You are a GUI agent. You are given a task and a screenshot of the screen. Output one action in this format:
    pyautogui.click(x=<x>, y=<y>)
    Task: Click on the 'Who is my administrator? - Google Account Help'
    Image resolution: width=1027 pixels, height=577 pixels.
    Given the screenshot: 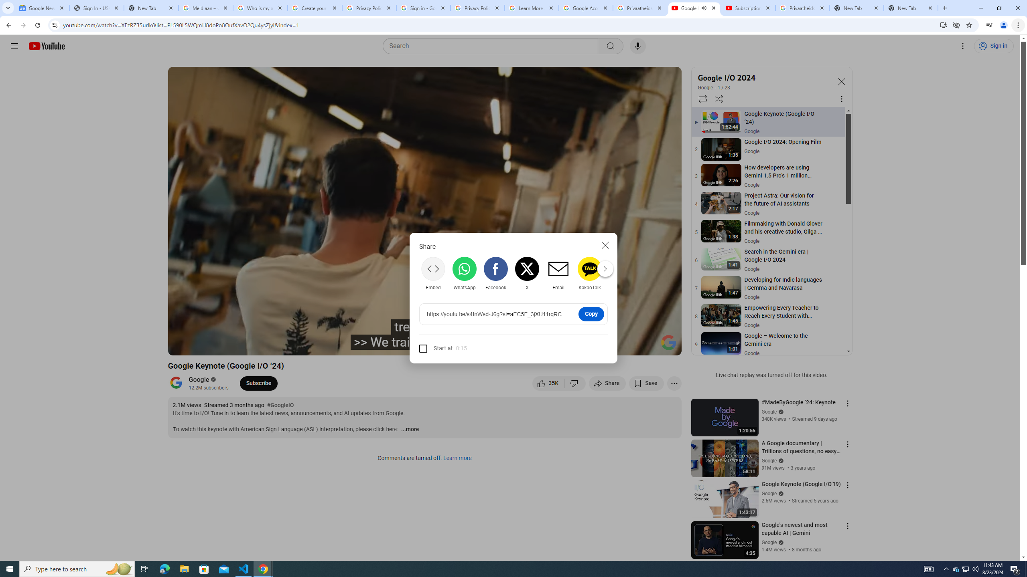 What is the action you would take?
    pyautogui.click(x=260, y=8)
    